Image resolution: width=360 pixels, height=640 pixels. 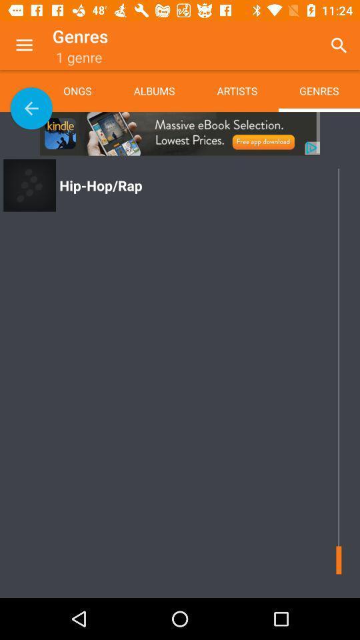 What do you see at coordinates (24, 45) in the screenshot?
I see `the app to the left of genres` at bounding box center [24, 45].